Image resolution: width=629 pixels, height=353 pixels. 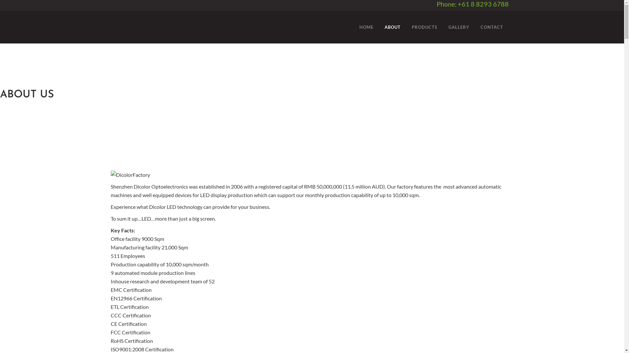 What do you see at coordinates (425, 27) in the screenshot?
I see `'PRODUCTS'` at bounding box center [425, 27].